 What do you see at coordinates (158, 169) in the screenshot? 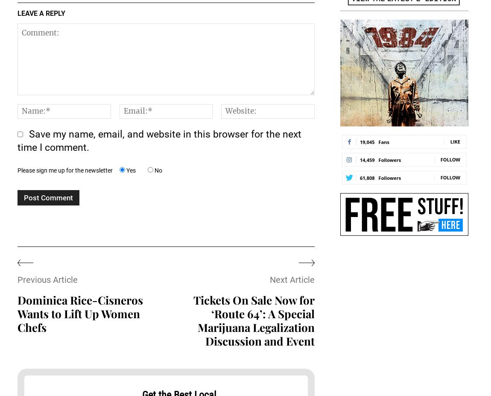
I see `'No'` at bounding box center [158, 169].